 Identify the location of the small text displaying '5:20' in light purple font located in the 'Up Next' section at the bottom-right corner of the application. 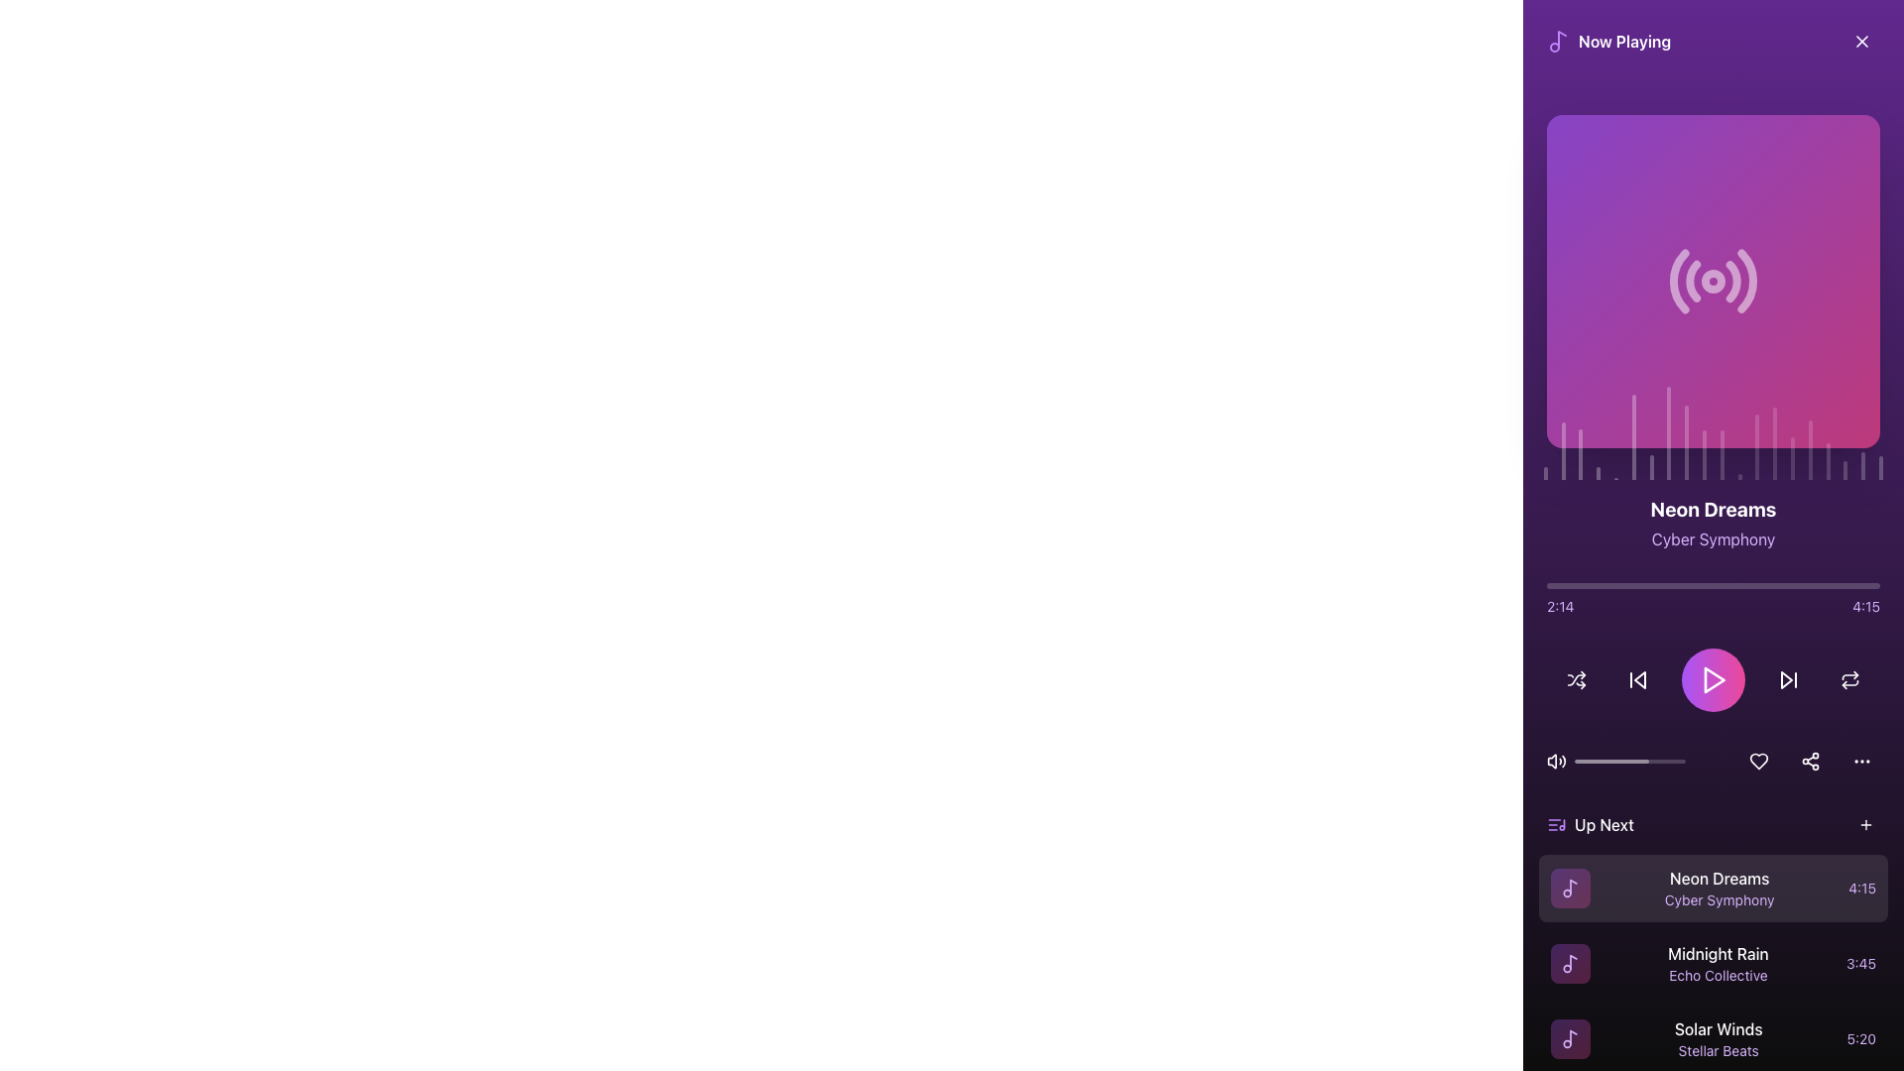
(1860, 1038).